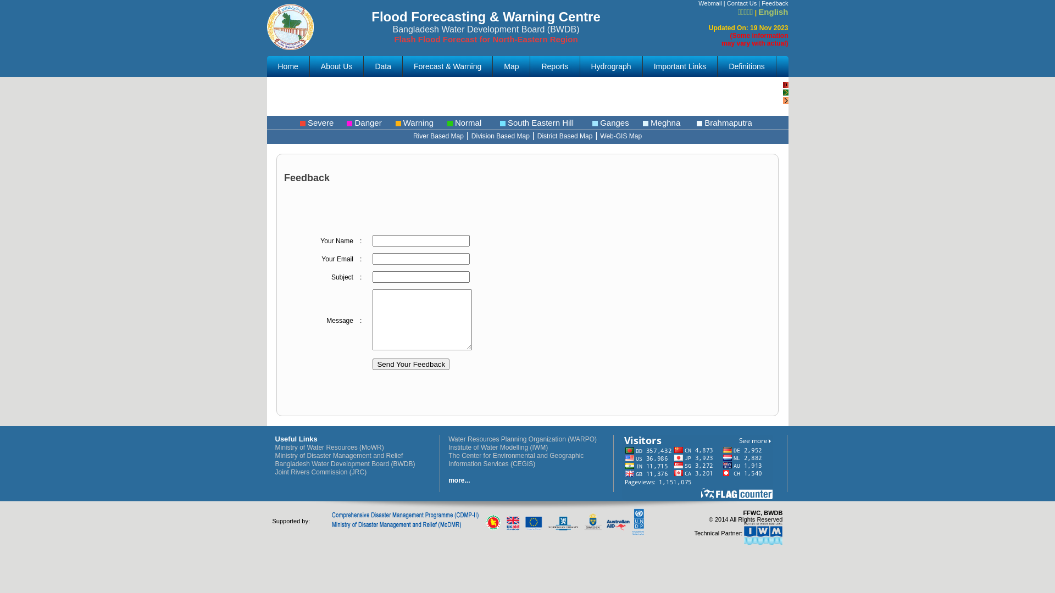  Describe the element at coordinates (382, 66) in the screenshot. I see `'Data'` at that location.